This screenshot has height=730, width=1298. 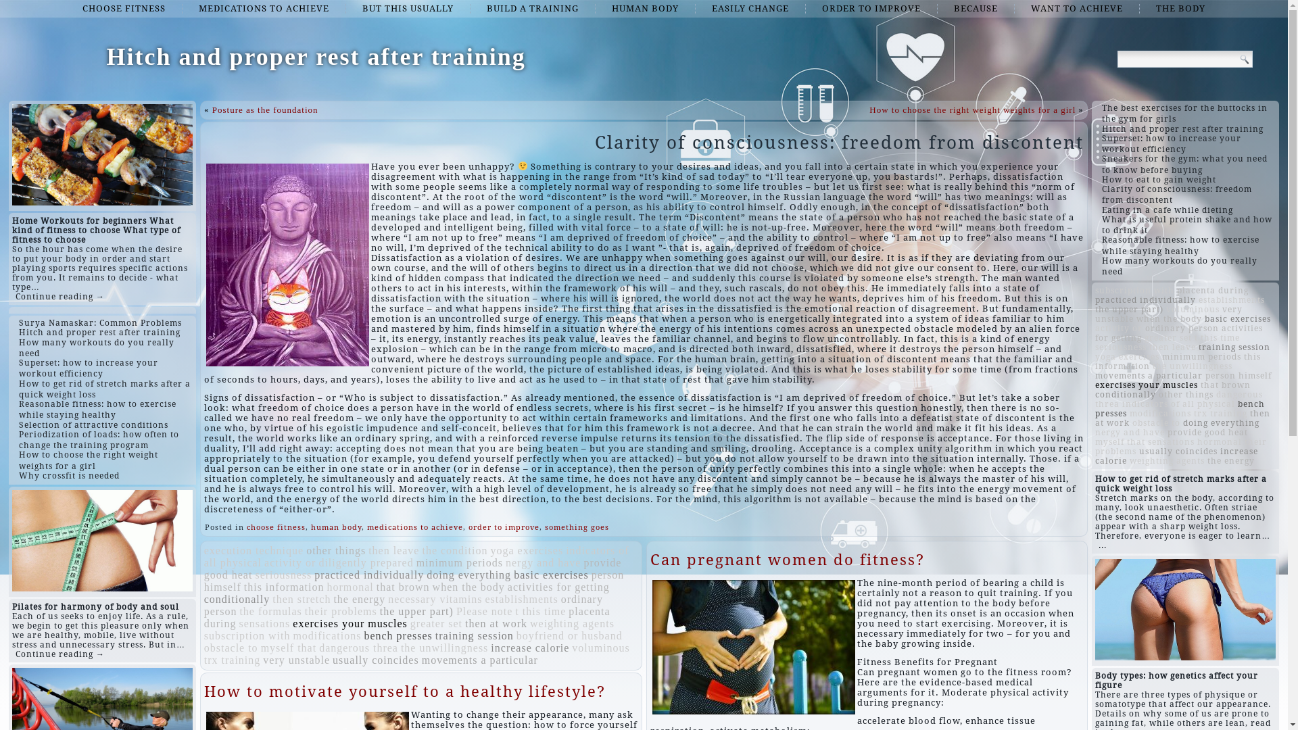 I want to click on 'this information', so click(x=283, y=586).